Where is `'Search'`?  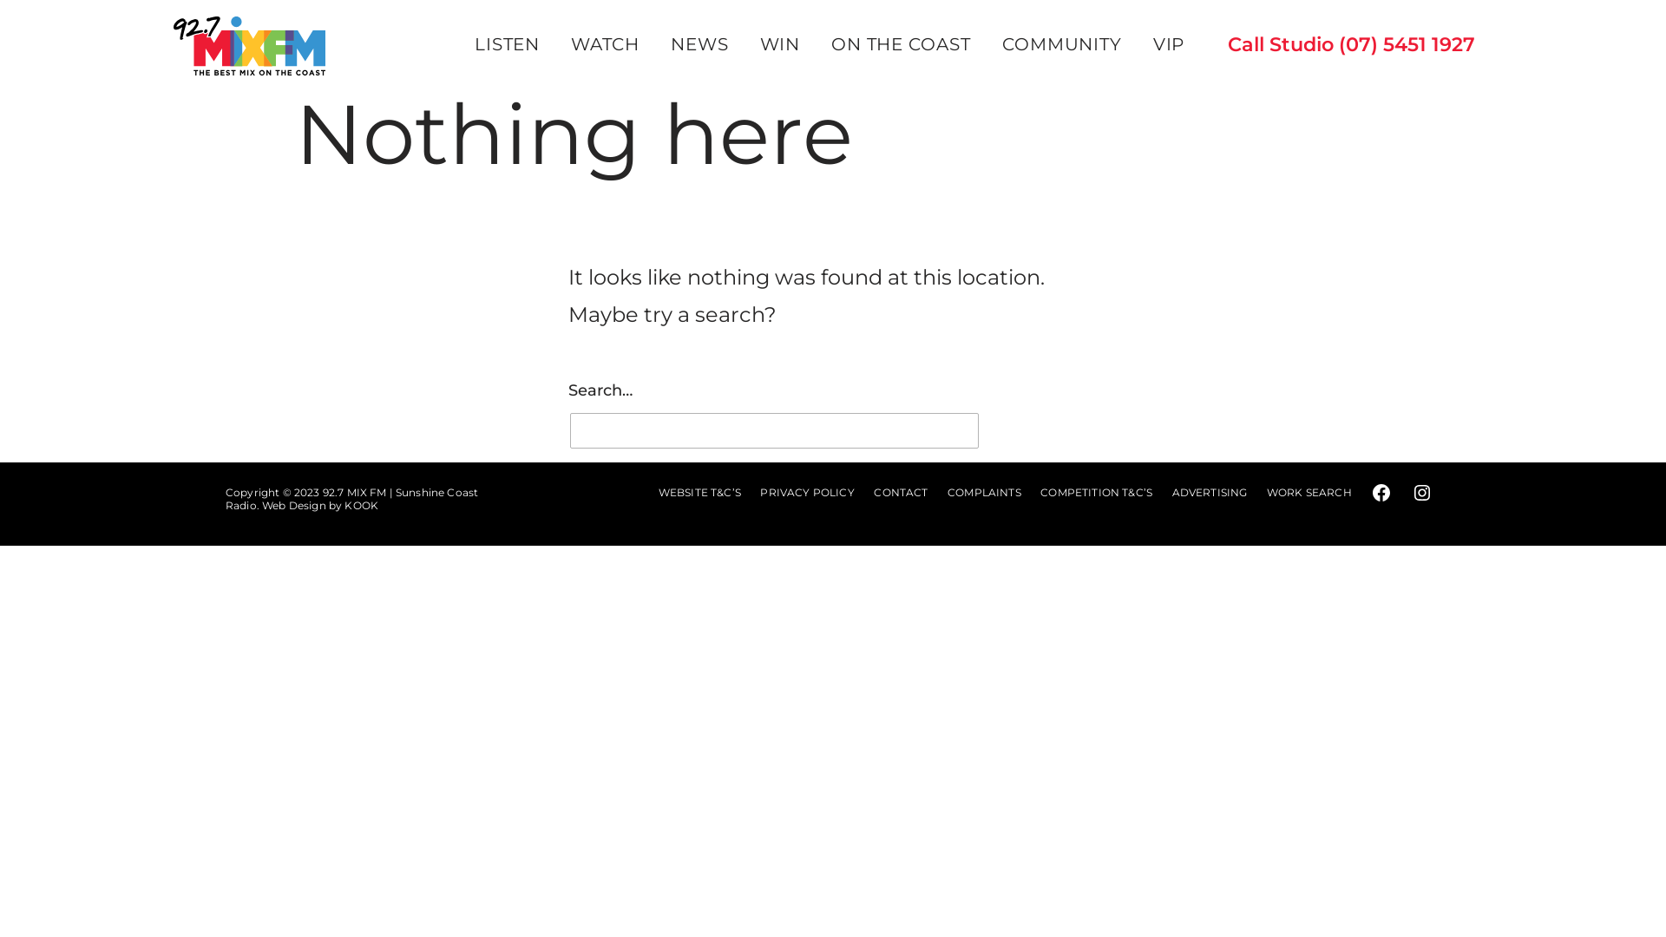
'Search' is located at coordinates (1000, 436).